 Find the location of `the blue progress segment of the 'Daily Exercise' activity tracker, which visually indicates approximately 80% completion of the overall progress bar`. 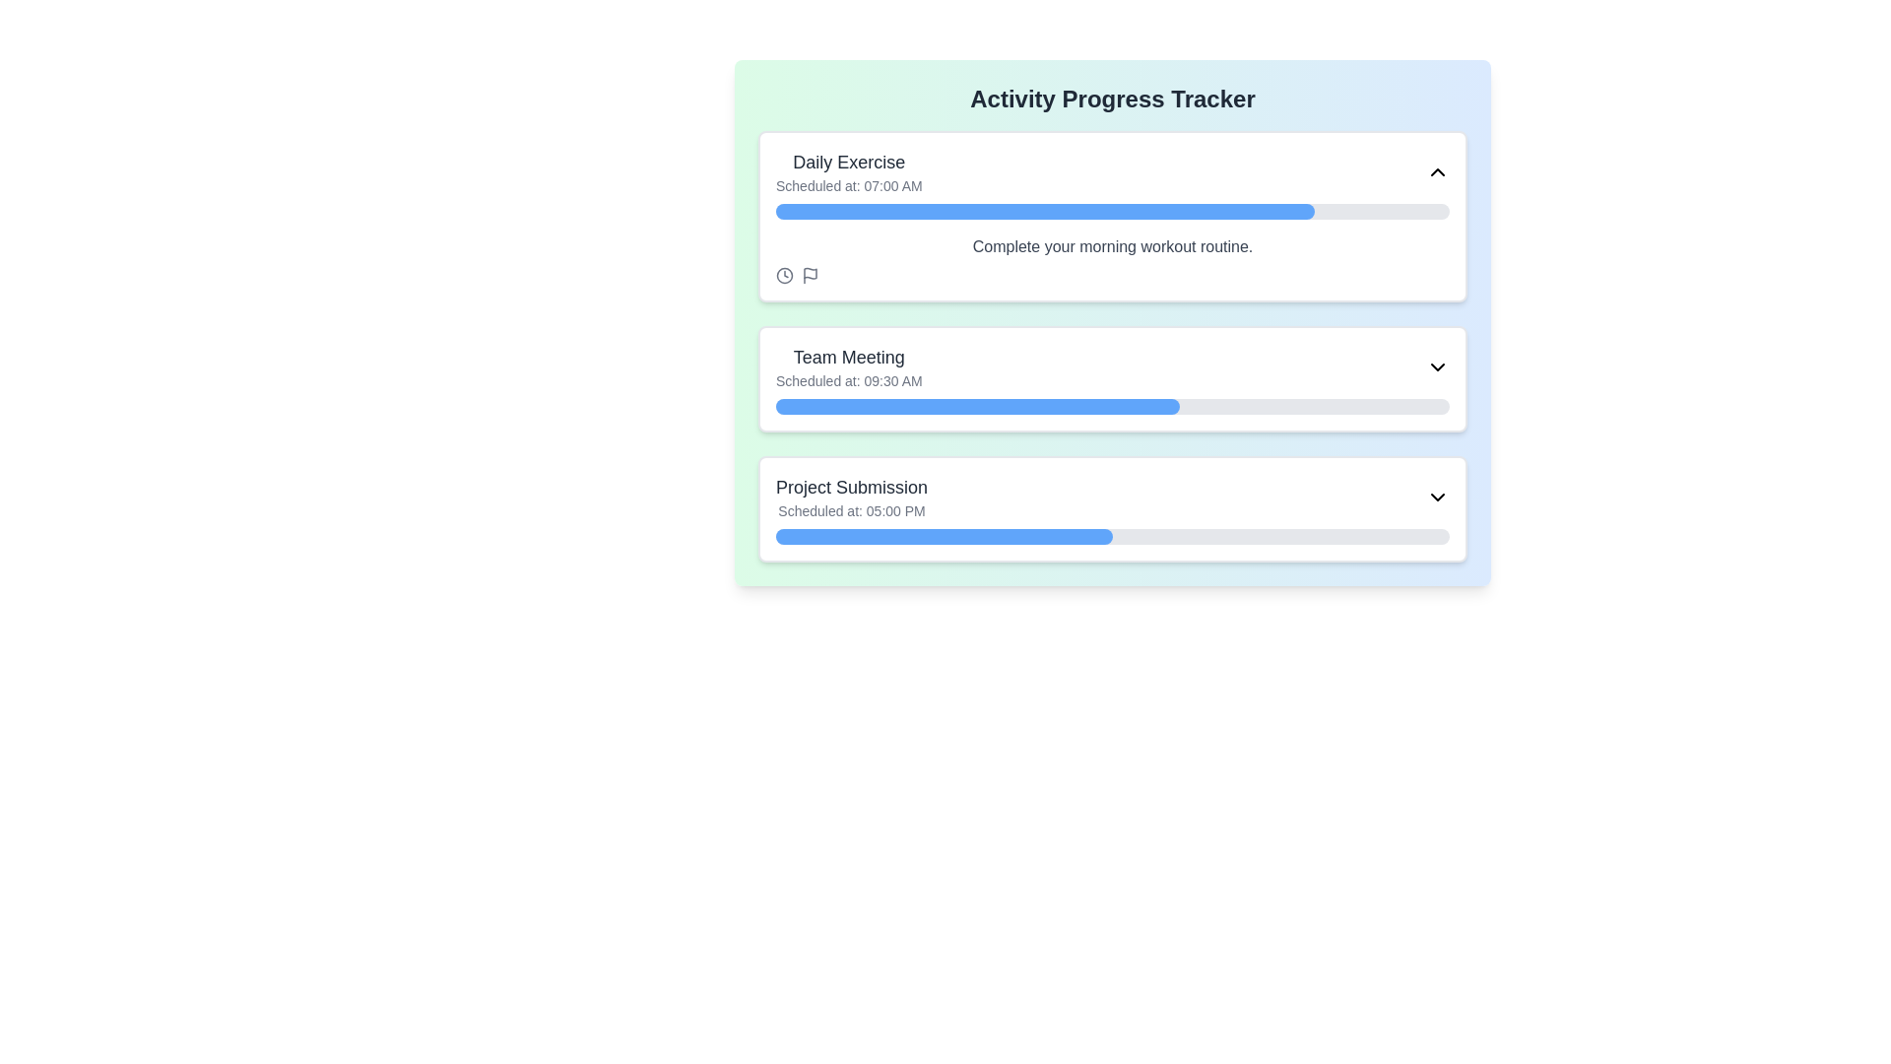

the blue progress segment of the 'Daily Exercise' activity tracker, which visually indicates approximately 80% completion of the overall progress bar is located at coordinates (1044, 212).